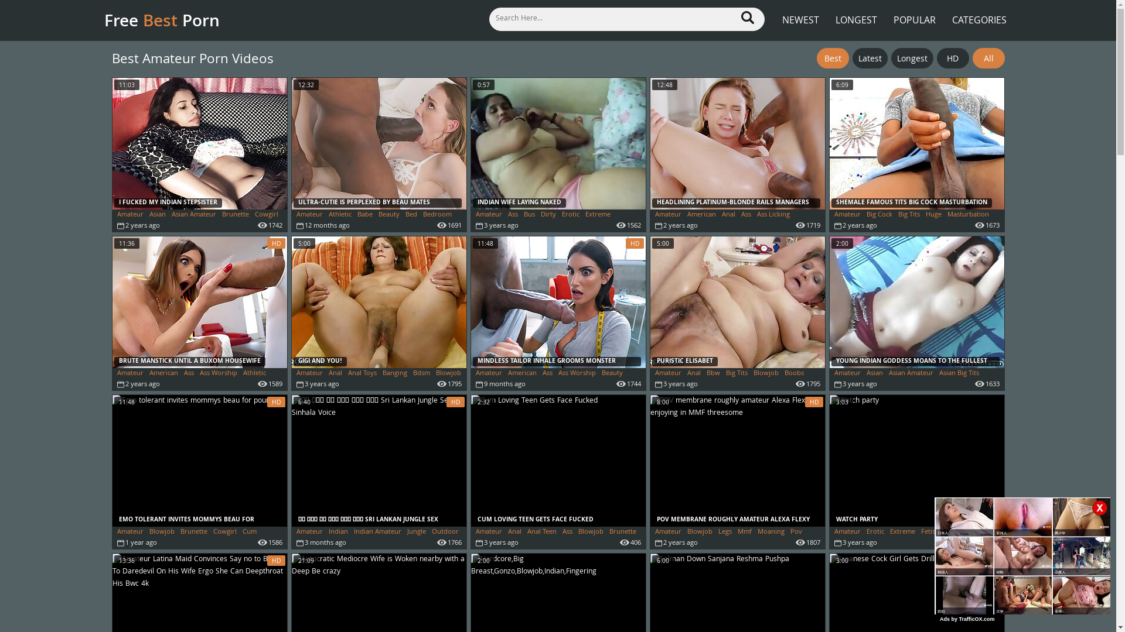  I want to click on 'Erotic', so click(874, 532).